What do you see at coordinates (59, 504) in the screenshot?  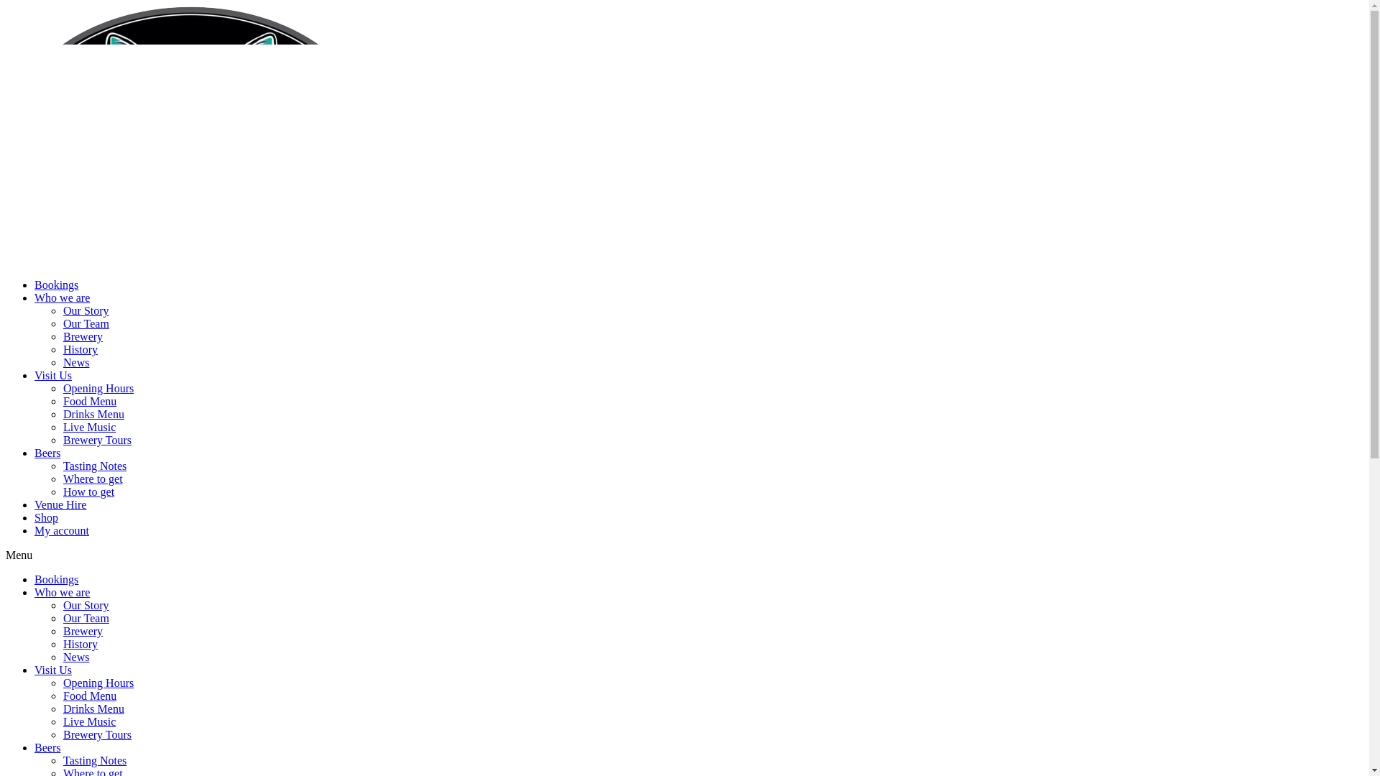 I see `'Venue Hire'` at bounding box center [59, 504].